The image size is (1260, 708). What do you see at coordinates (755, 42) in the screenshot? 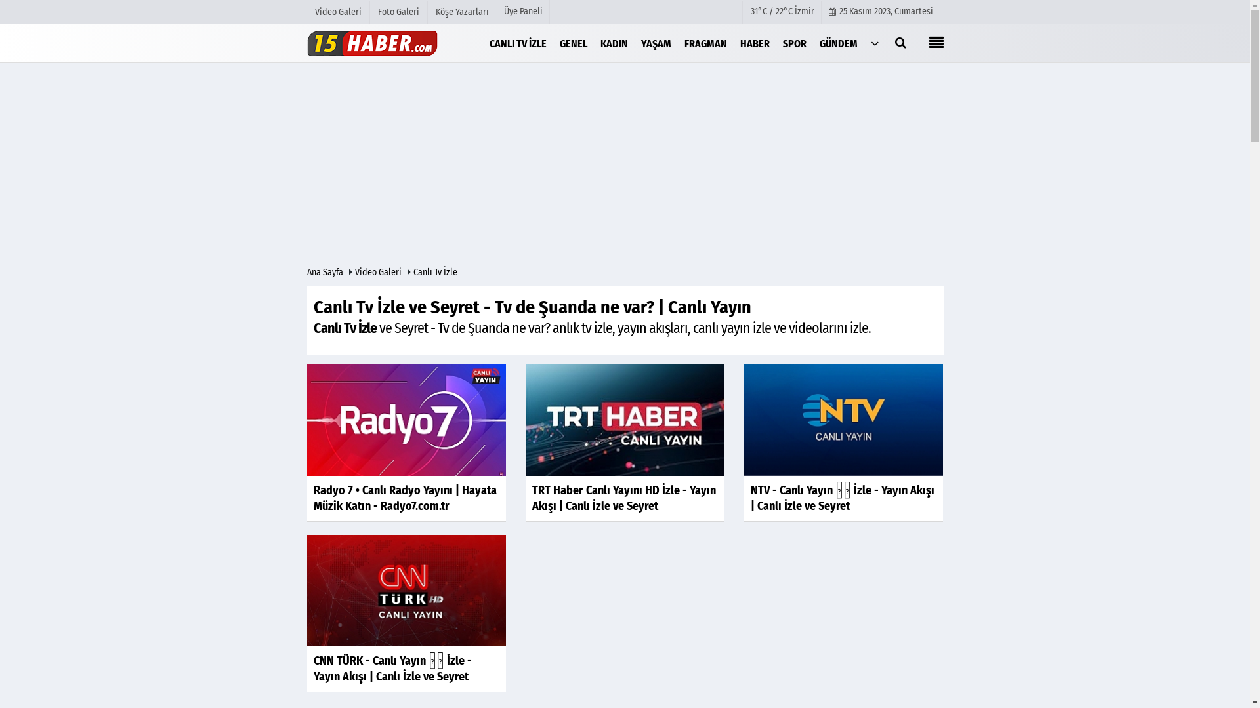
I see `'HABER'` at bounding box center [755, 42].